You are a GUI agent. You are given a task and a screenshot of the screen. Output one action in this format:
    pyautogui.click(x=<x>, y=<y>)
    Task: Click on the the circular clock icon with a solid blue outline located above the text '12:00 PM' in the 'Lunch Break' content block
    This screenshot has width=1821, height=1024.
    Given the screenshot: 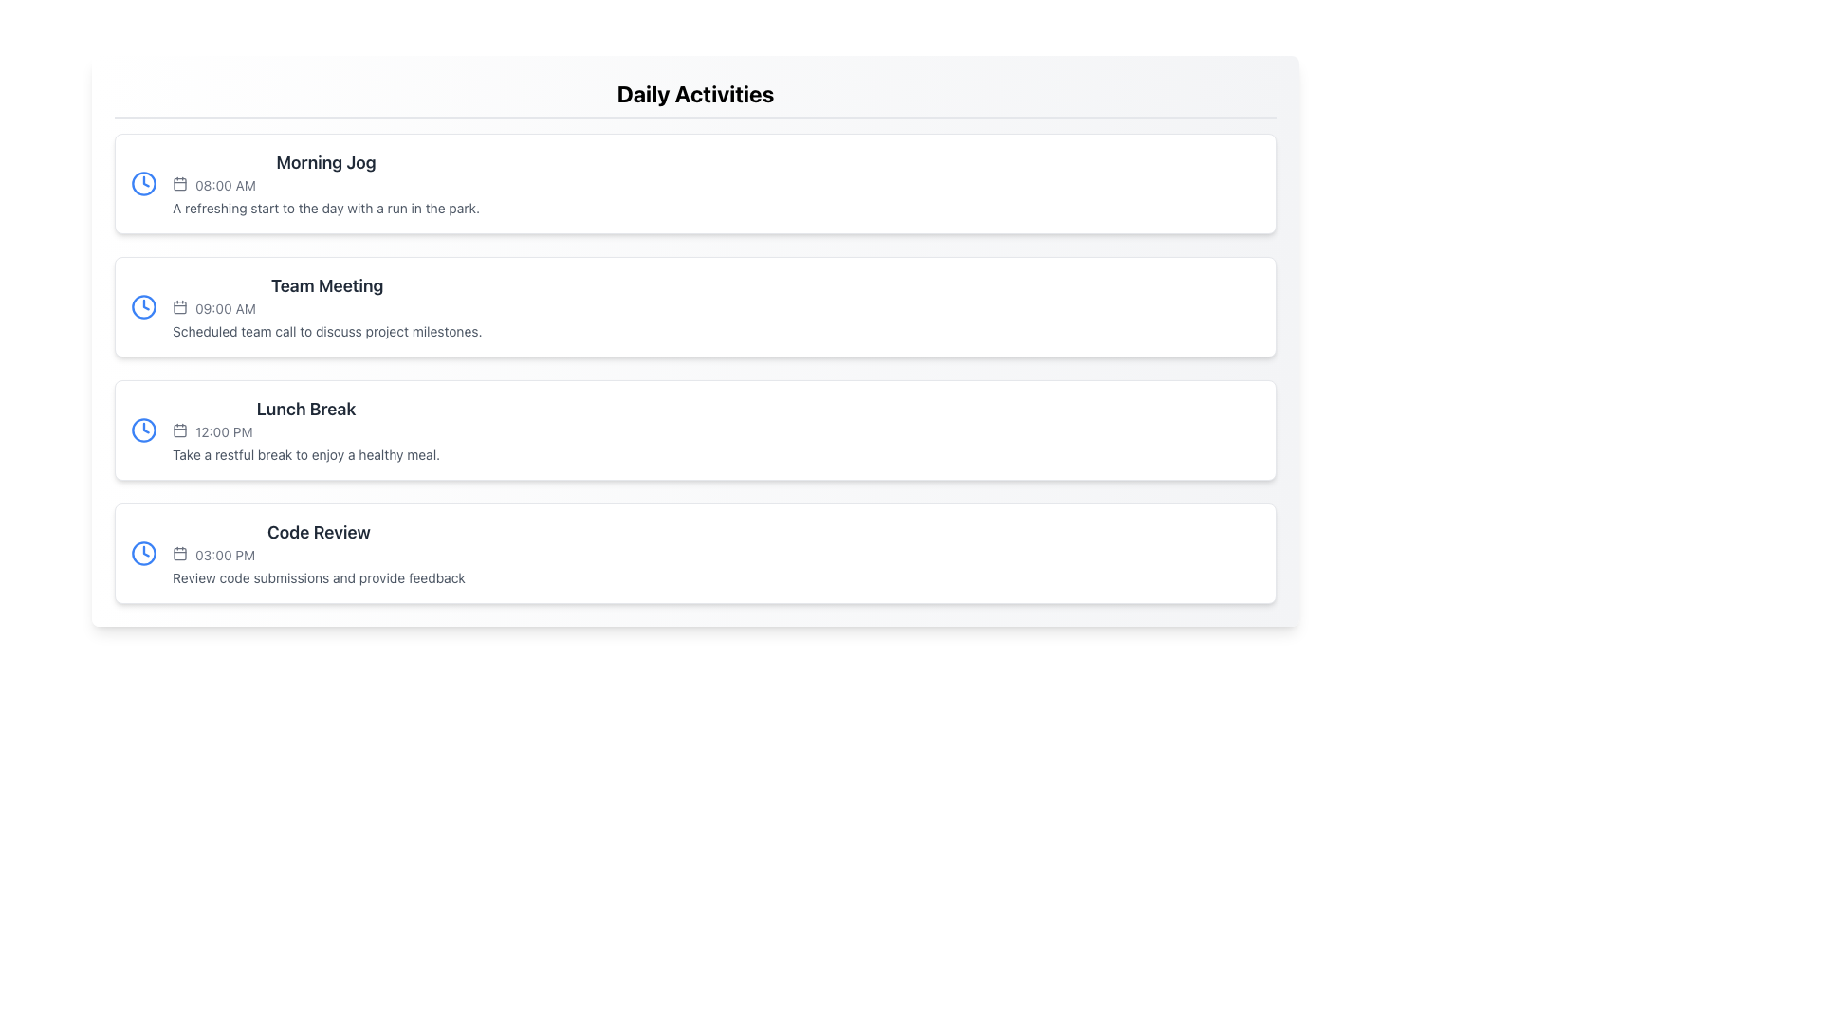 What is the action you would take?
    pyautogui.click(x=143, y=430)
    